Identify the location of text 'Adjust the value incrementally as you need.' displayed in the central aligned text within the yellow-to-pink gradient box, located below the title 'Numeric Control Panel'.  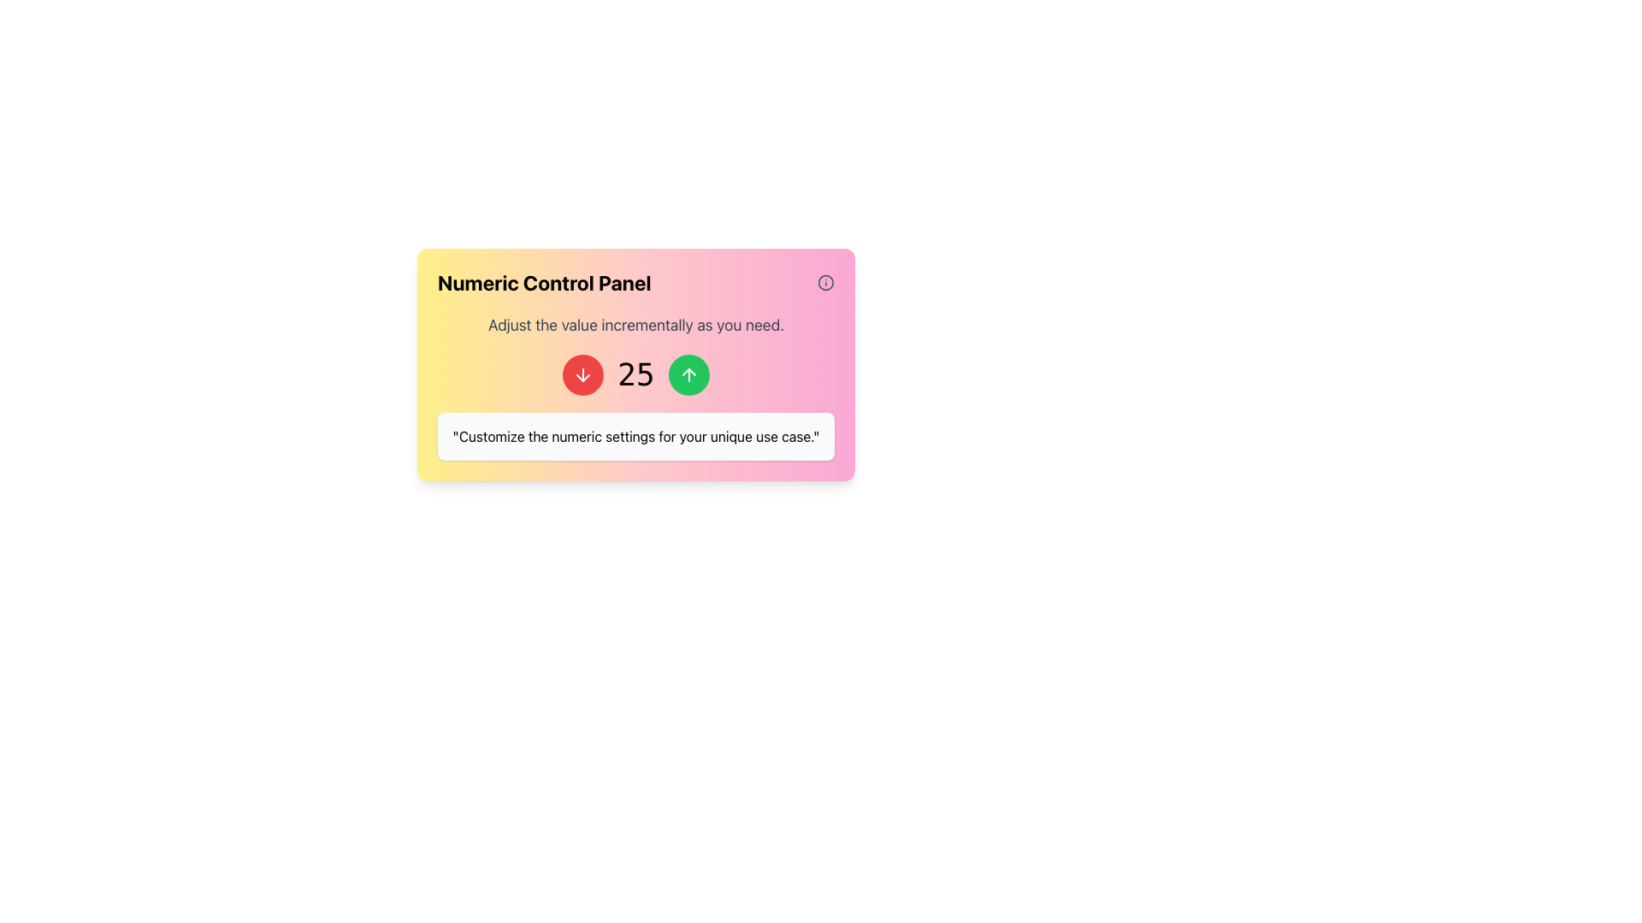
(635, 326).